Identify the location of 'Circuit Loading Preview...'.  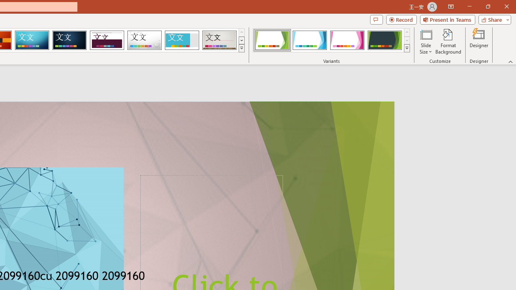
(32, 40).